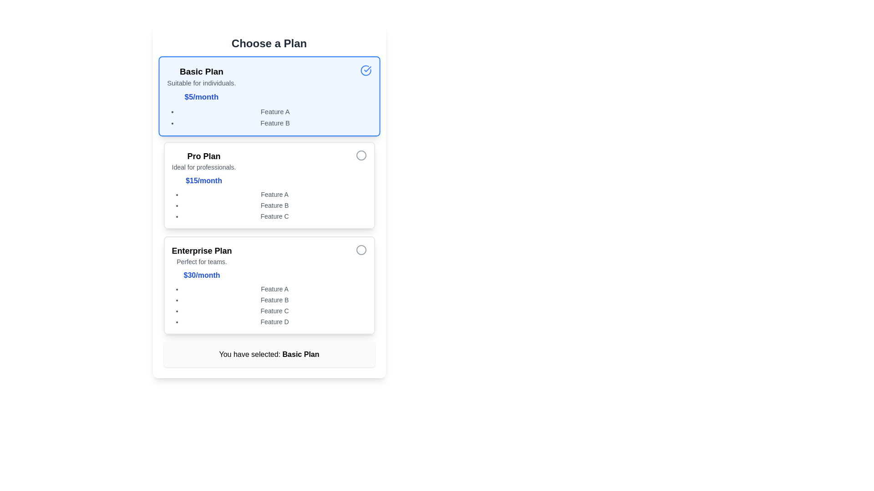 The image size is (874, 491). I want to click on bullet-point list displaying features 'Feature A', 'Feature B', 'Feature C', and 'Feature D' located in the bottom section of the 'Enterprise Plan' card beneath the '$30/month' price label, so click(269, 305).